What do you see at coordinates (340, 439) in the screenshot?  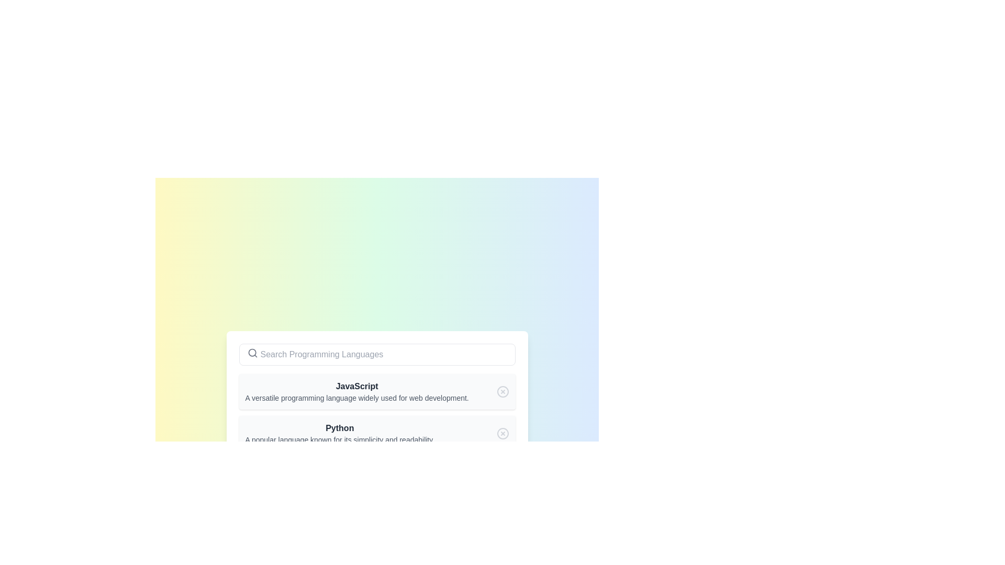 I see `the informational text element located directly below the bold text 'Python', which provides additional descriptive information about the item` at bounding box center [340, 439].